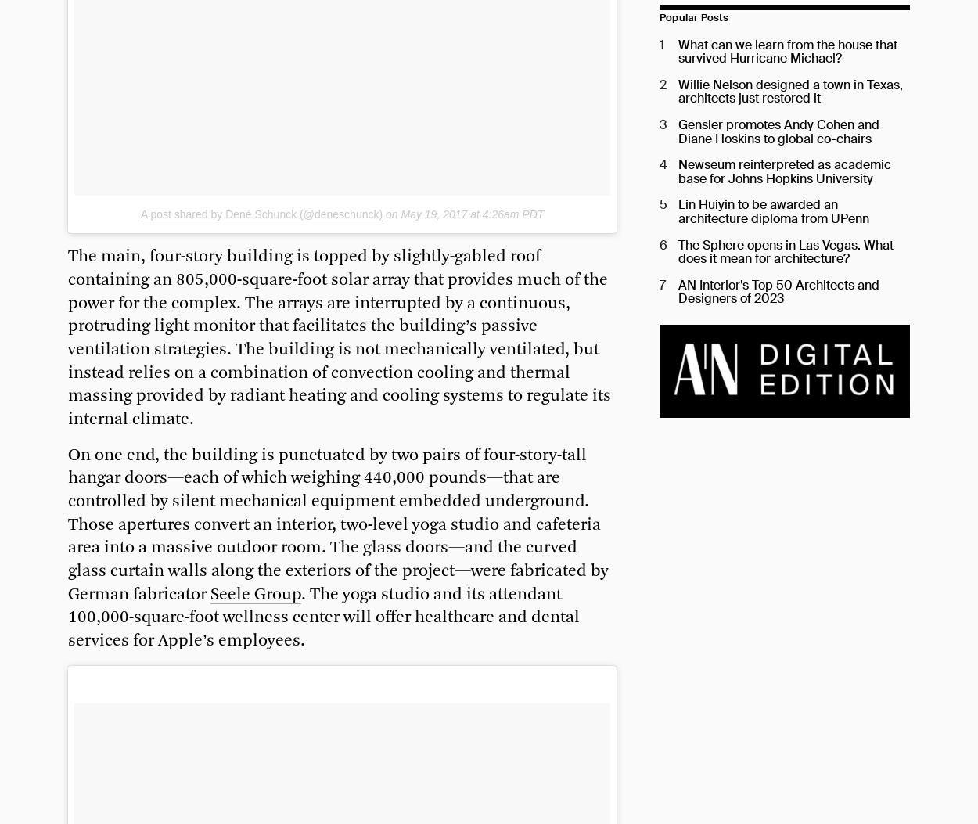  What do you see at coordinates (382, 213) in the screenshot?
I see `'on'` at bounding box center [382, 213].